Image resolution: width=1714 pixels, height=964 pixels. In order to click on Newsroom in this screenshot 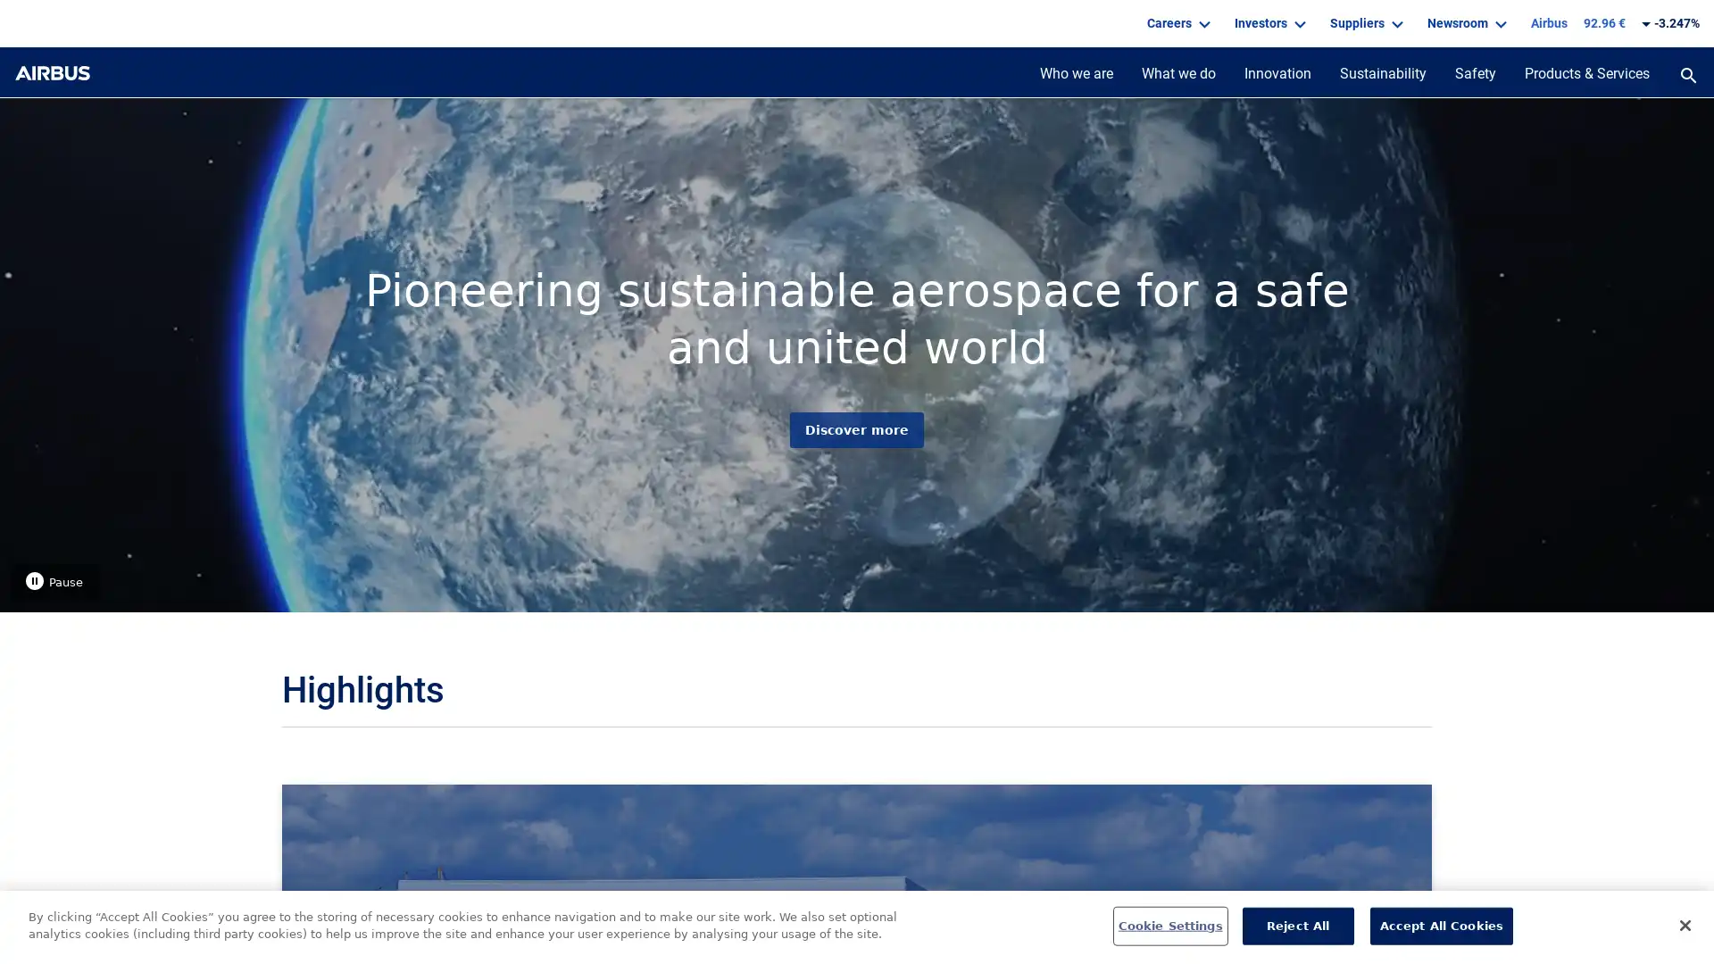, I will do `click(1465, 23)`.